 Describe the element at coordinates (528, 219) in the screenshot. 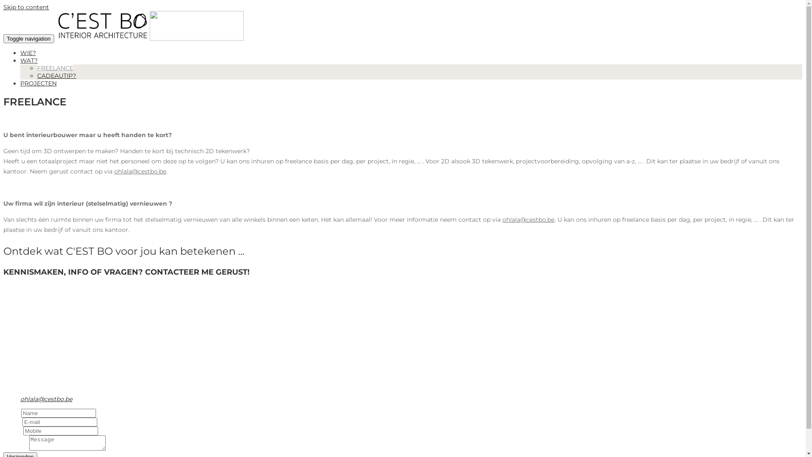

I see `'ohlala@cestbo.be'` at that location.